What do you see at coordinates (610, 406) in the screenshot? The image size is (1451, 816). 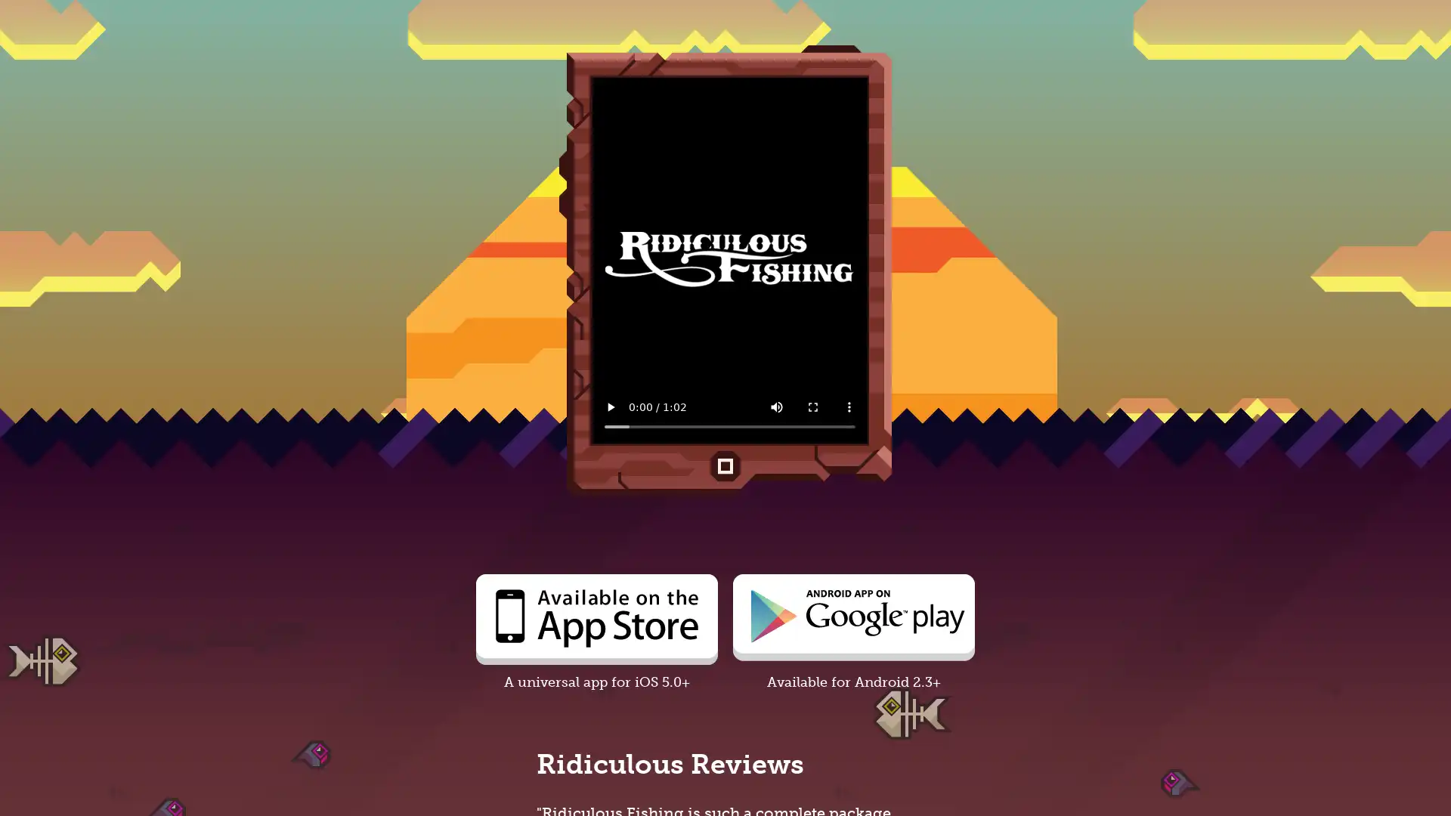 I see `play` at bounding box center [610, 406].